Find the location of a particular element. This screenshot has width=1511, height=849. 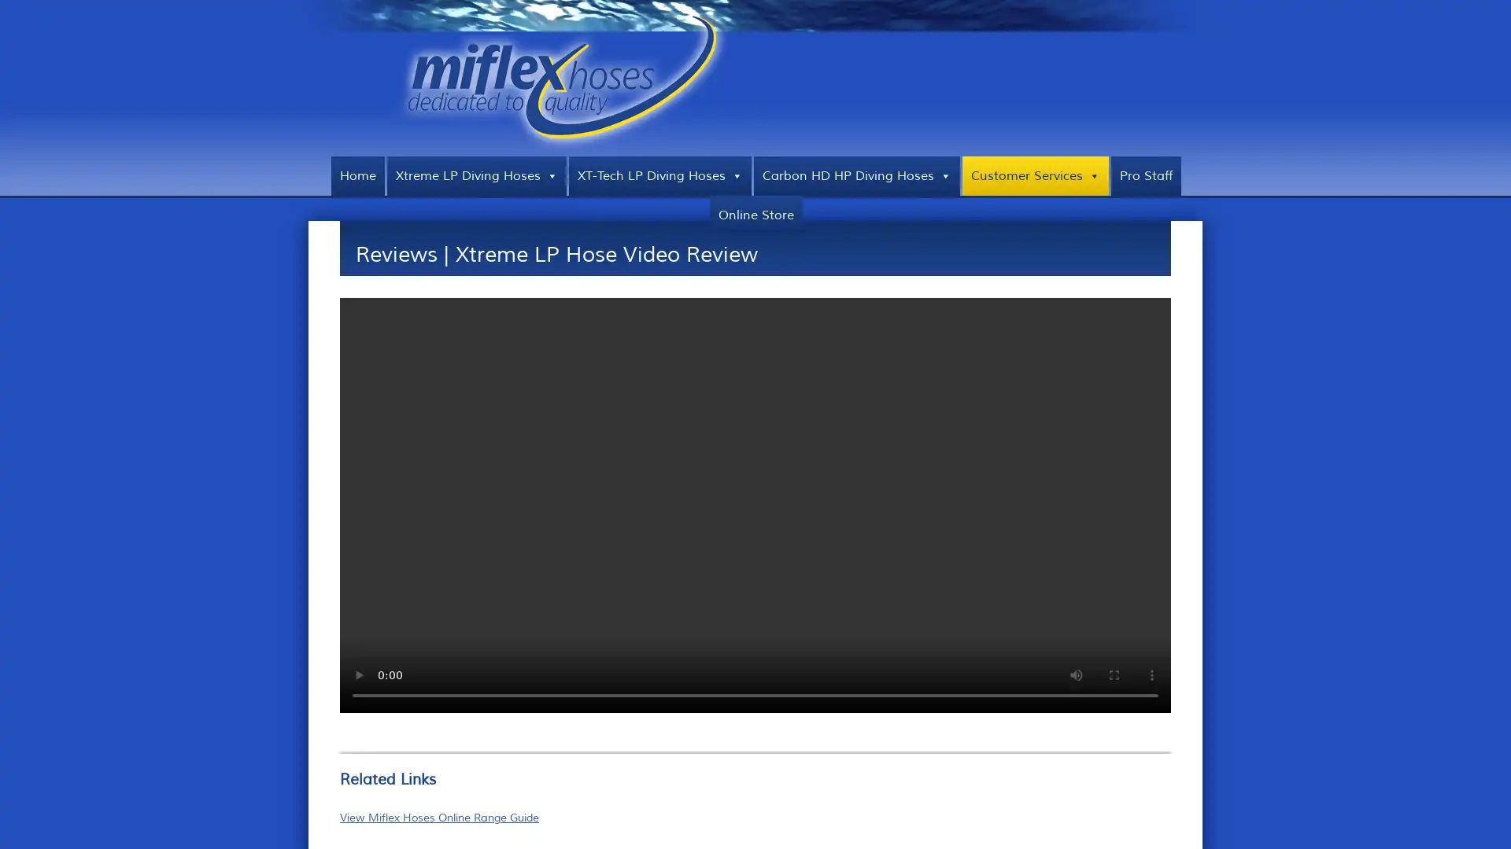

show more media controls is located at coordinates (1152, 673).